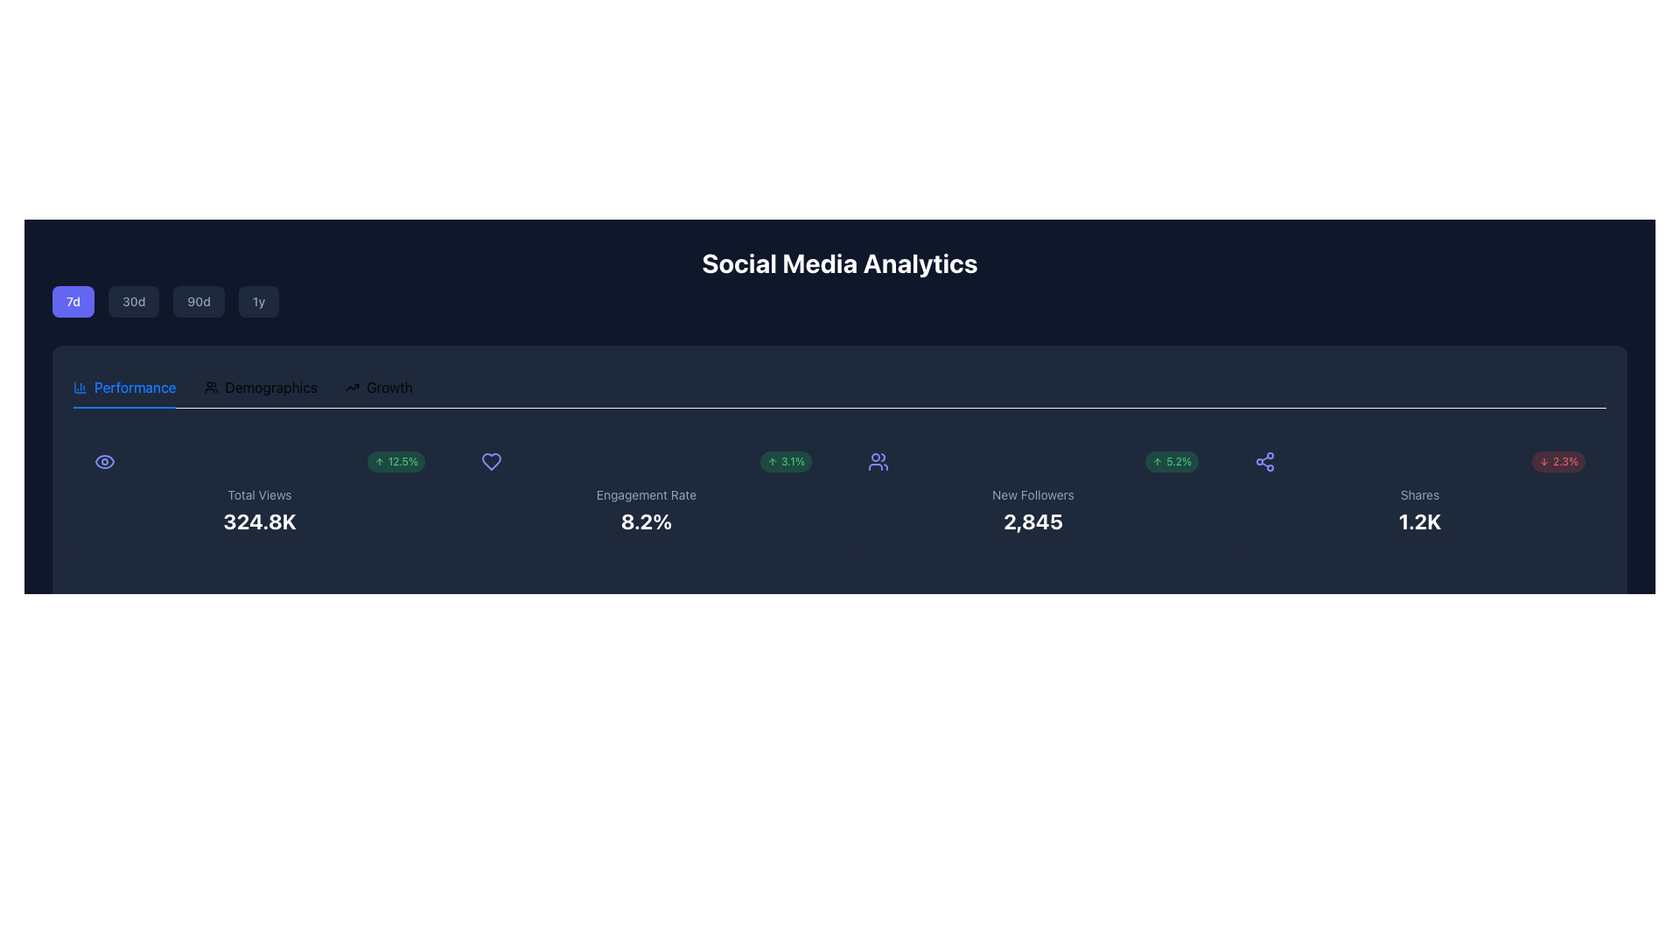  I want to click on the Text Label that serves as the title or heading of the dashboard section, which contextualizes content related to social media analytics, so click(840, 282).